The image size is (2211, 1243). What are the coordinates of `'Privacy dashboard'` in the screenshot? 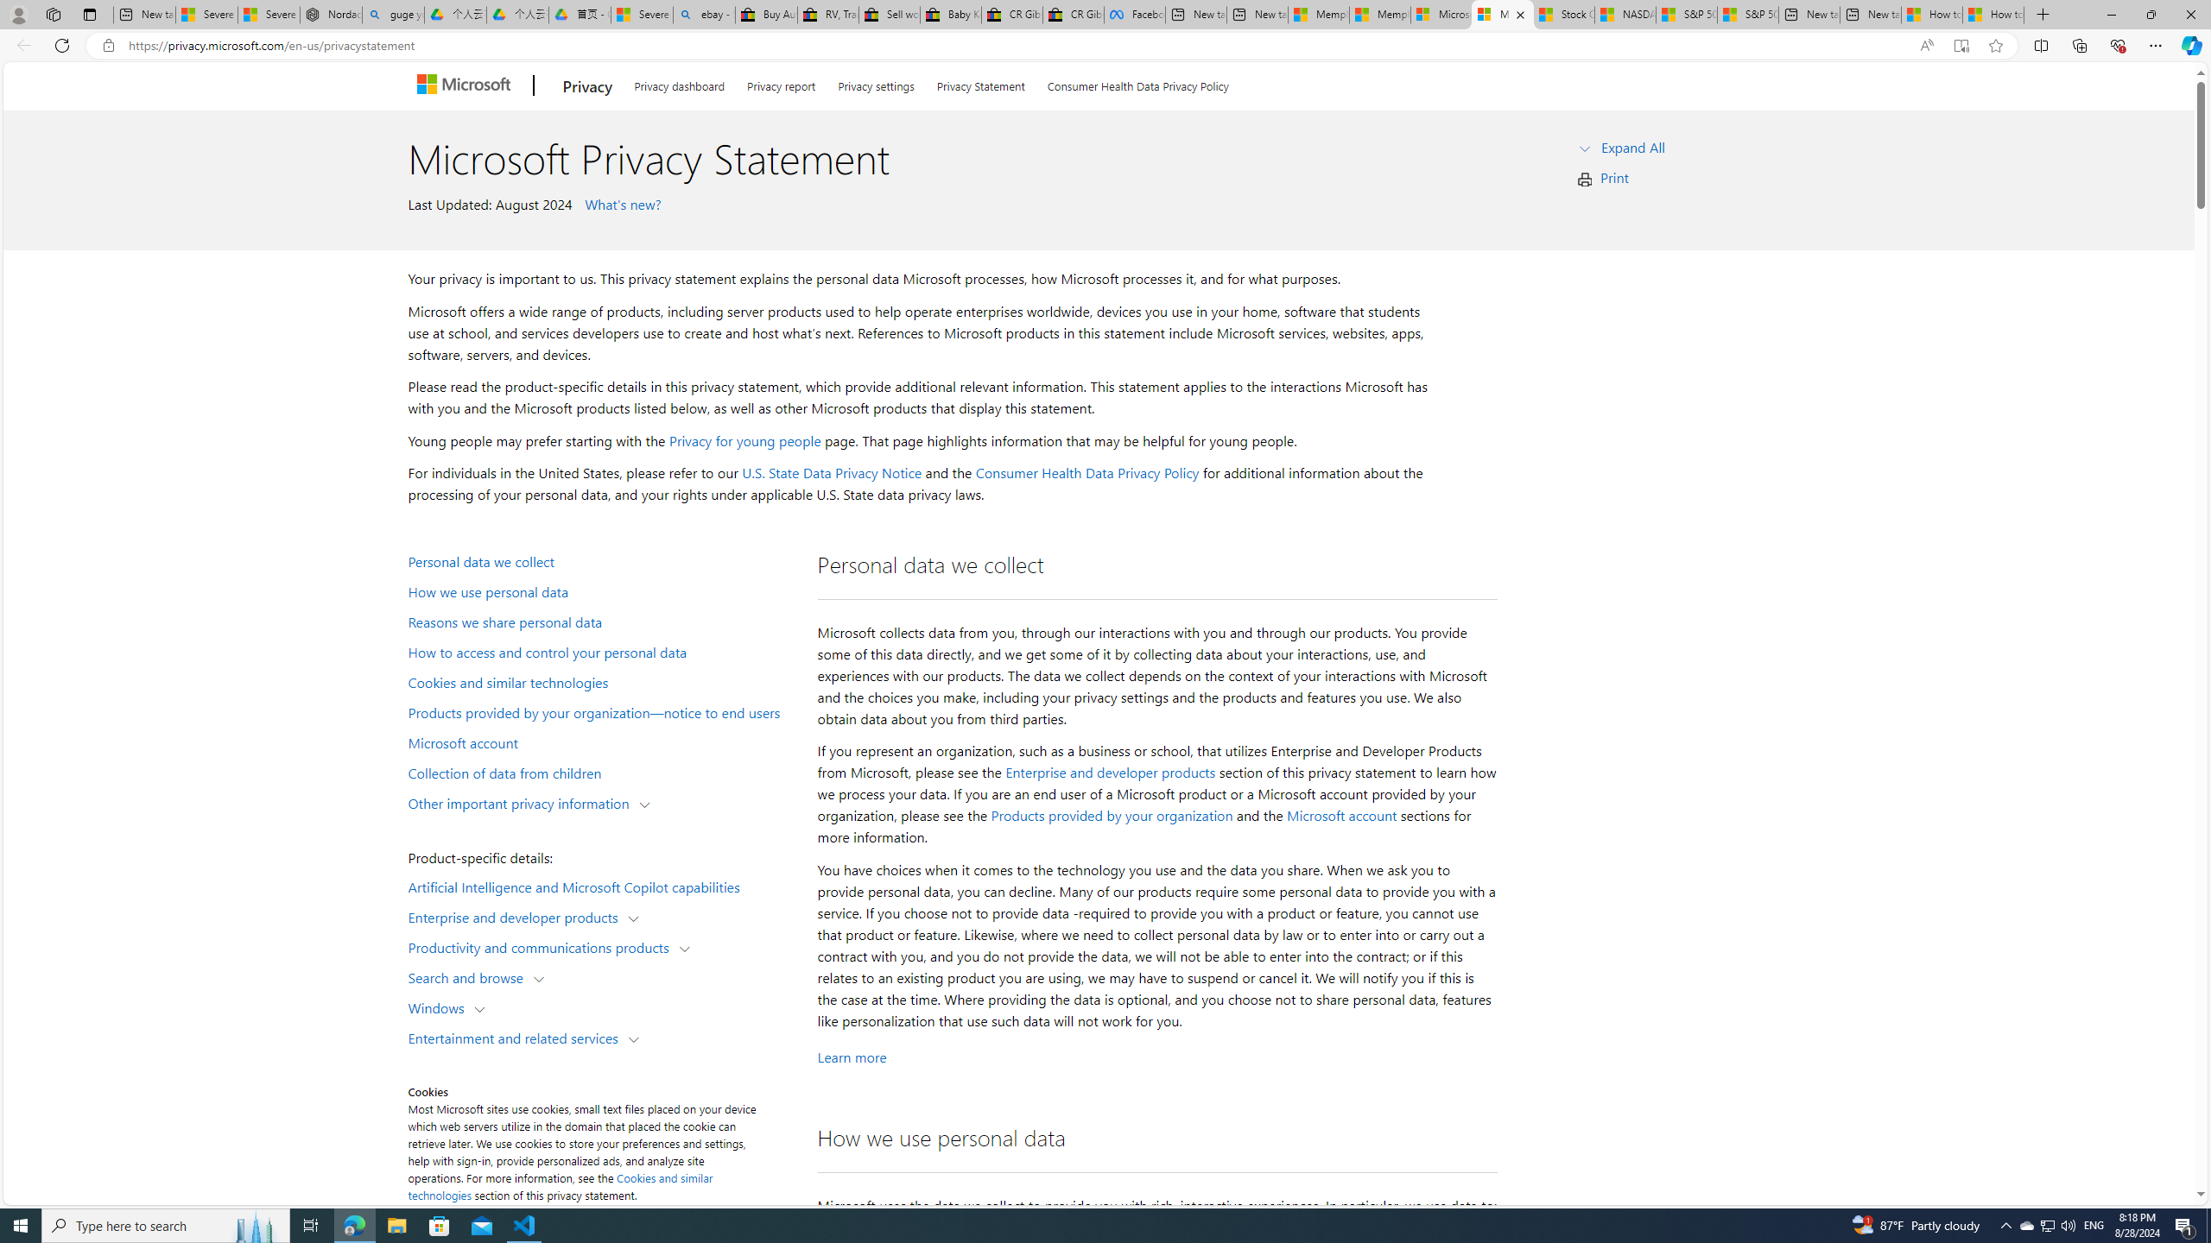 It's located at (679, 83).